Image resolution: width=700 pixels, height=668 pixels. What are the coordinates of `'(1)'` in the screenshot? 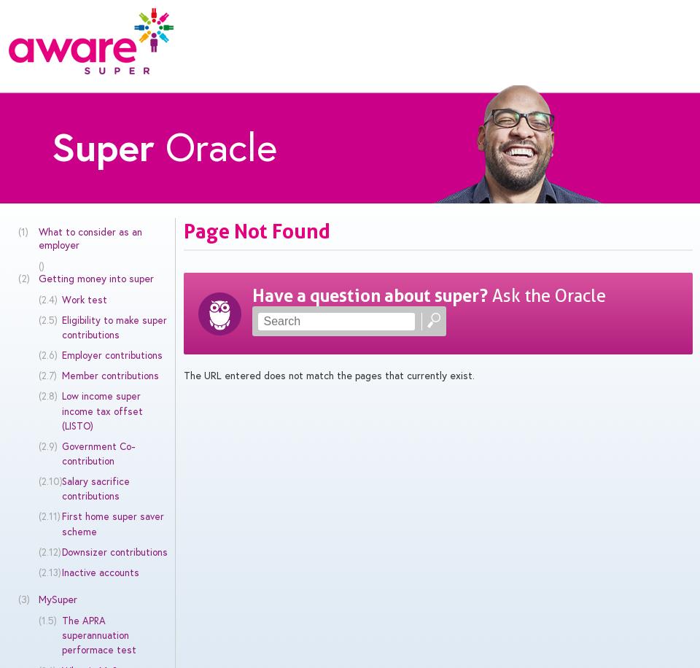 It's located at (22, 230).